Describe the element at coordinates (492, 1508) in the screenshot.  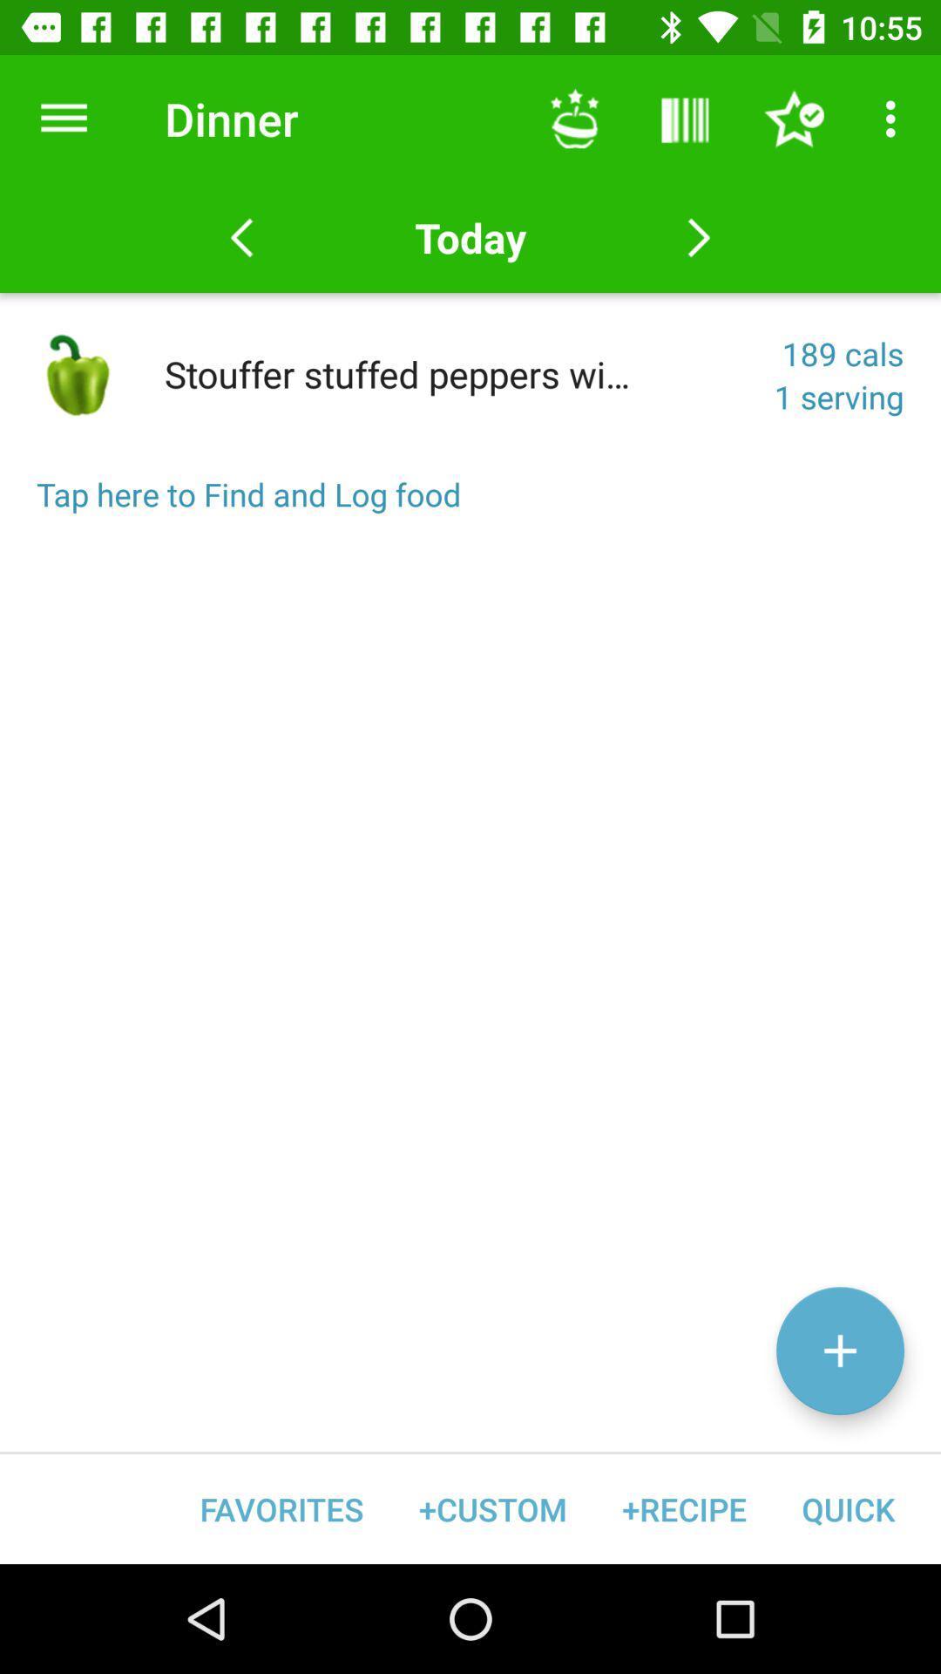
I see `item next to favorites` at that location.